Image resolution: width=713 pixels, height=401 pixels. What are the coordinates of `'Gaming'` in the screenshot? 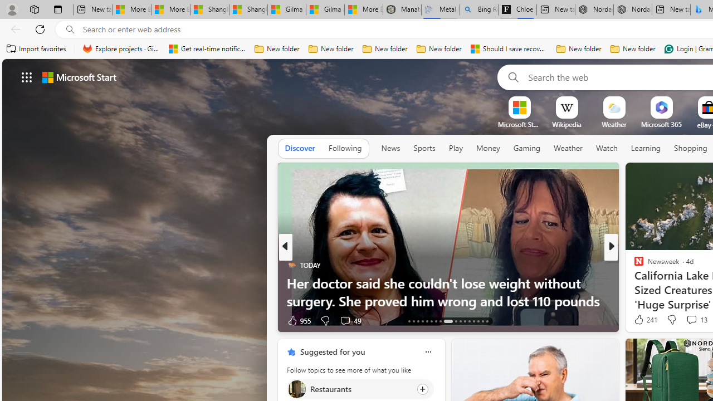 It's located at (526, 148).